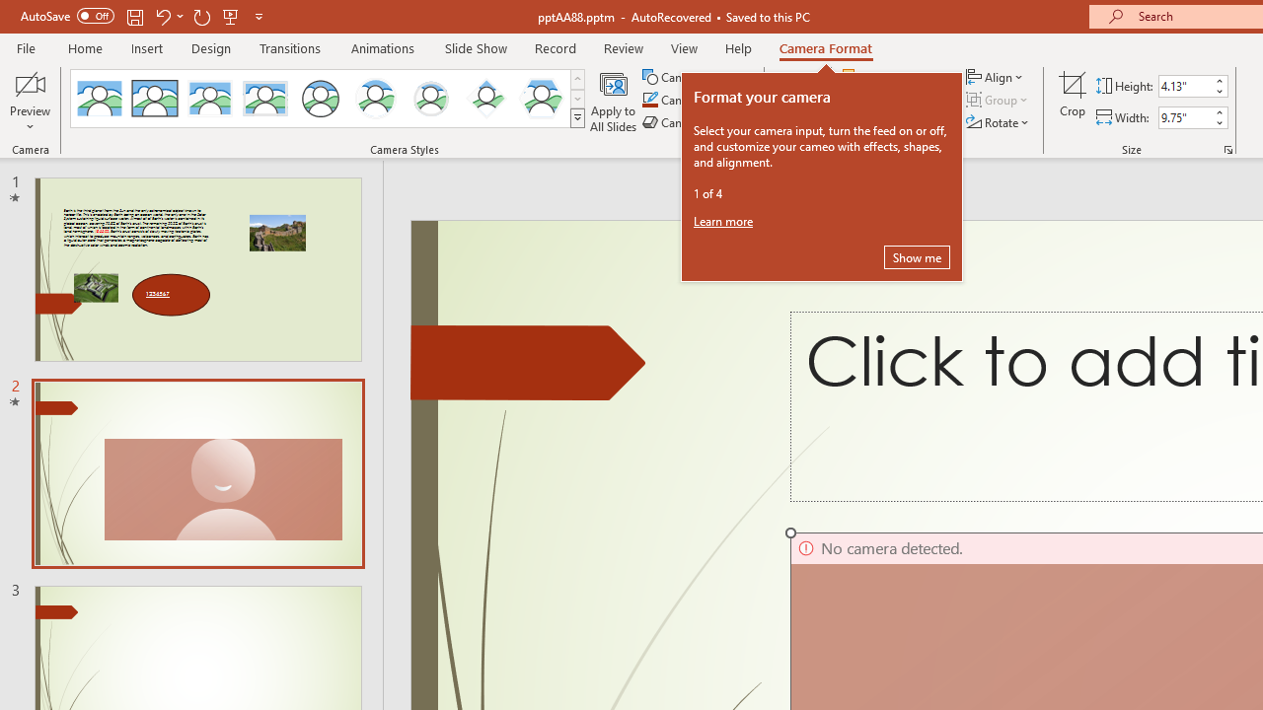 This screenshot has width=1263, height=710. Describe the element at coordinates (263, 99) in the screenshot. I see `'Soft Edge Rectangle'` at that location.